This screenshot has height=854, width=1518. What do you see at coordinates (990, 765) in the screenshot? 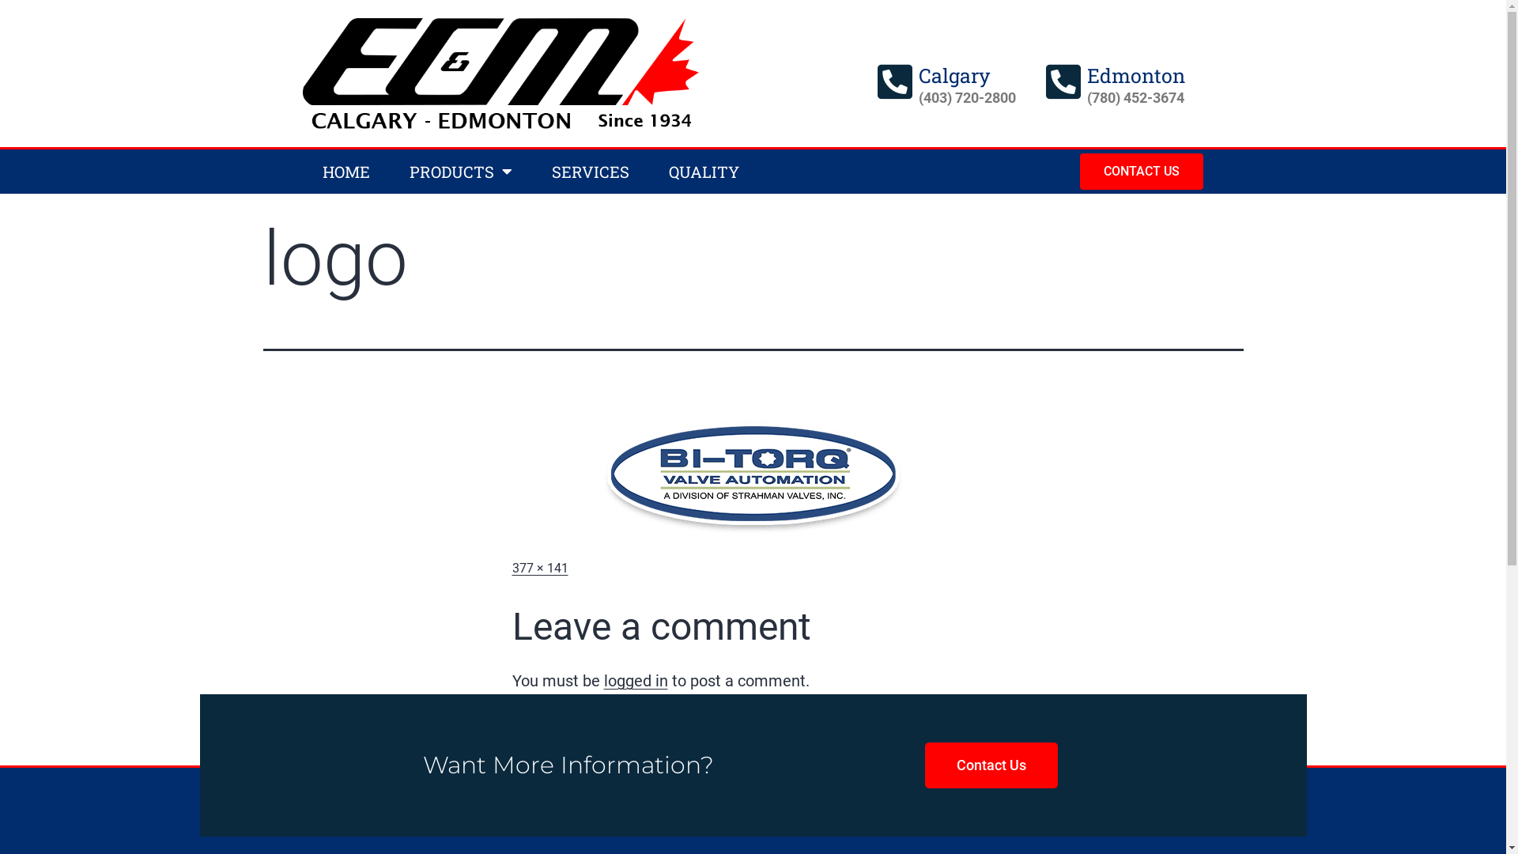
I see `'Contact Us'` at bounding box center [990, 765].